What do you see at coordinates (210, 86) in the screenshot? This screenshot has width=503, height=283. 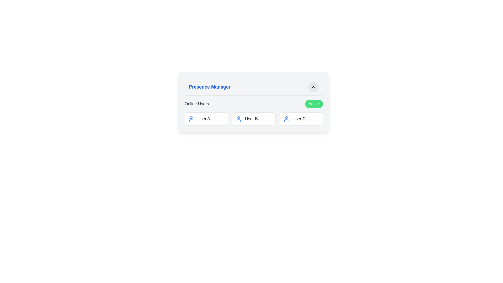 I see `the bold, blue-colored text labeled 'Presence Manager' at the top-left of the card component, which stands out against a light gray background` at bounding box center [210, 86].